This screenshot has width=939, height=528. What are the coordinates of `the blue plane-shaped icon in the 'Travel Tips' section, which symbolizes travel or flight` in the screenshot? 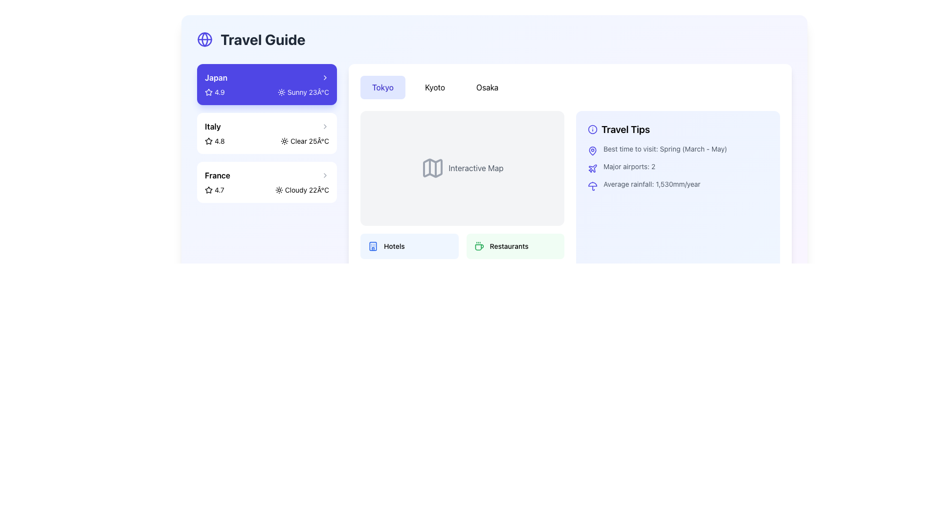 It's located at (592, 168).